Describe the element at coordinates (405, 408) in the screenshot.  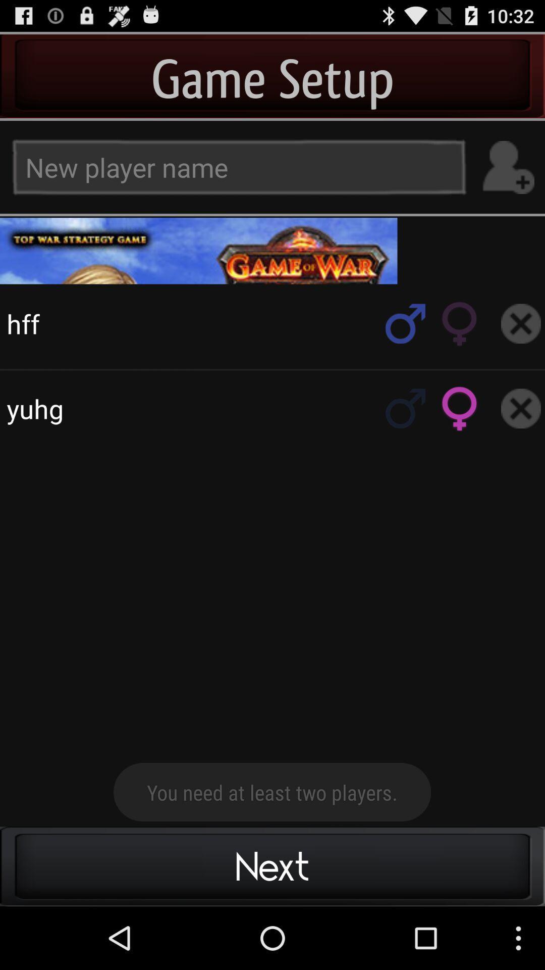
I see `search` at that location.